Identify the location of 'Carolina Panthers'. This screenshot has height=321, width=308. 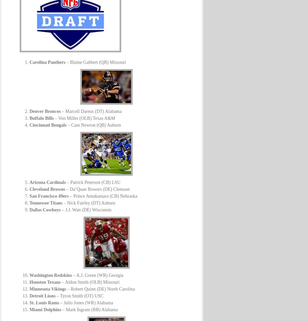
(47, 62).